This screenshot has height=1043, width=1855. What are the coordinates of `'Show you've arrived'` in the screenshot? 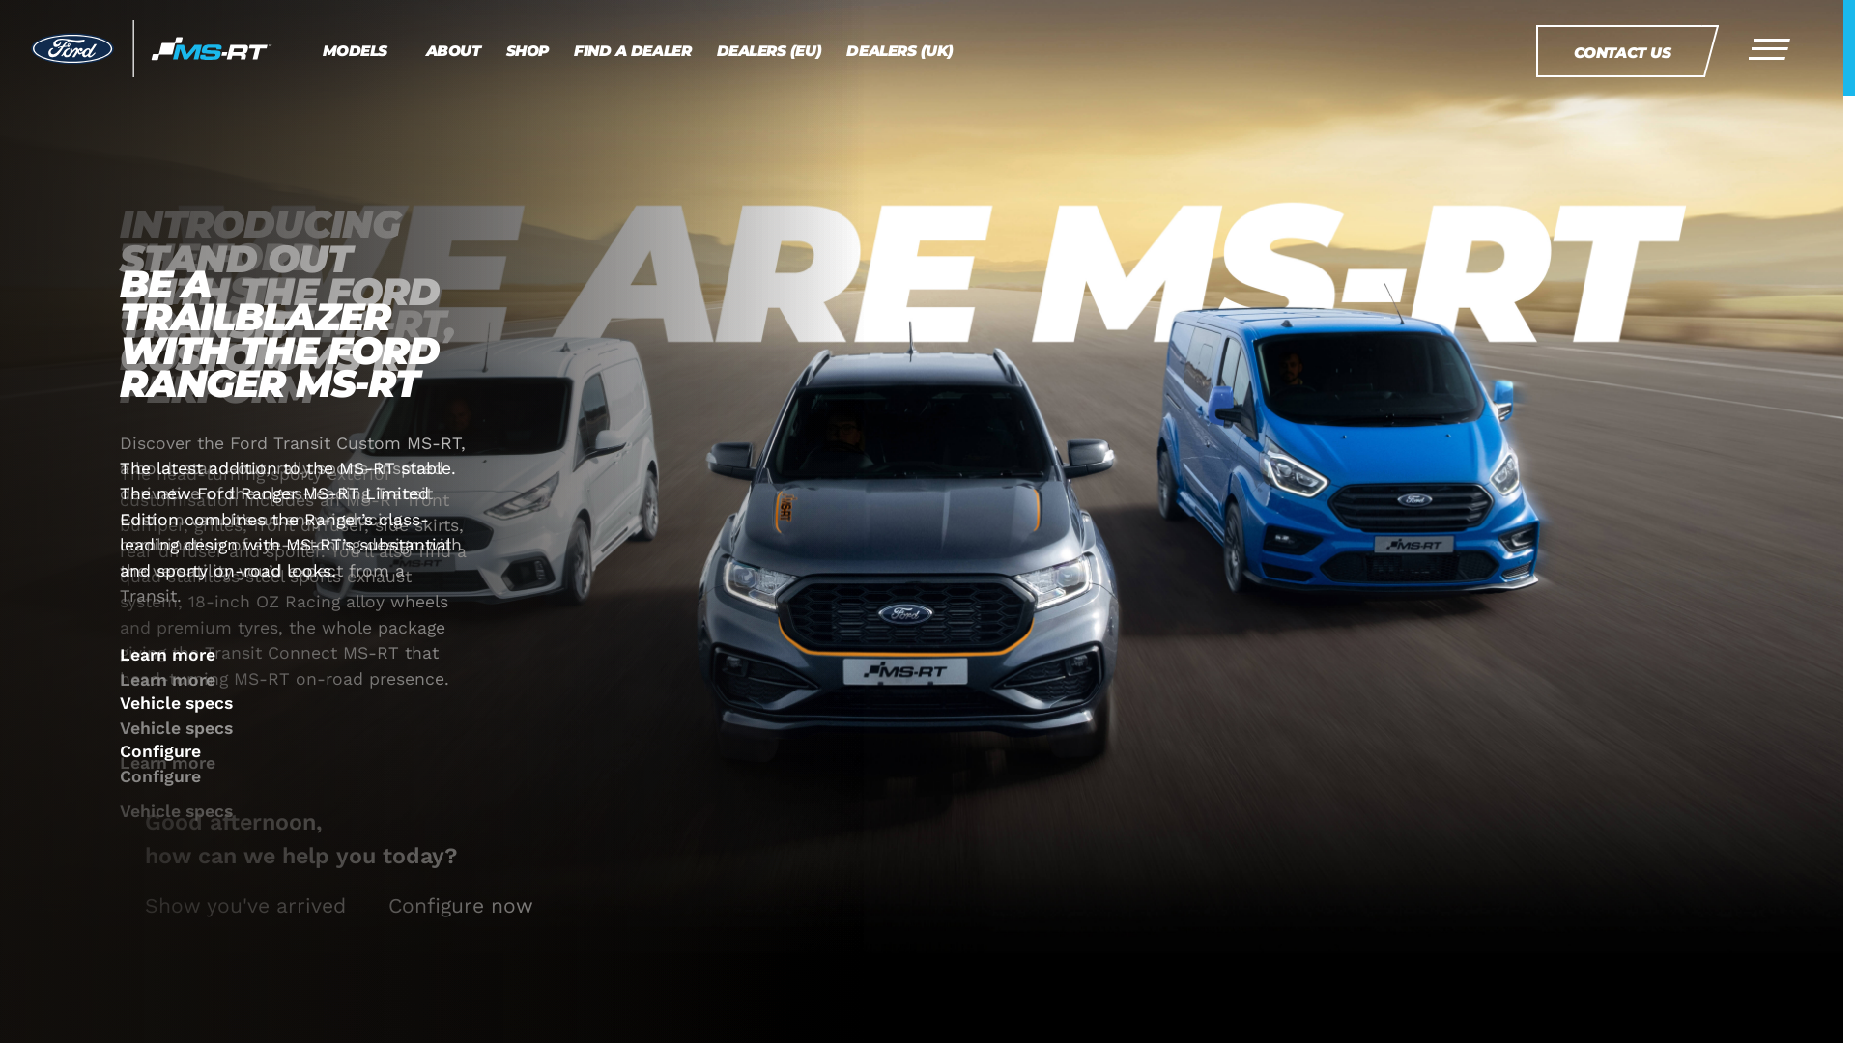 It's located at (244, 905).